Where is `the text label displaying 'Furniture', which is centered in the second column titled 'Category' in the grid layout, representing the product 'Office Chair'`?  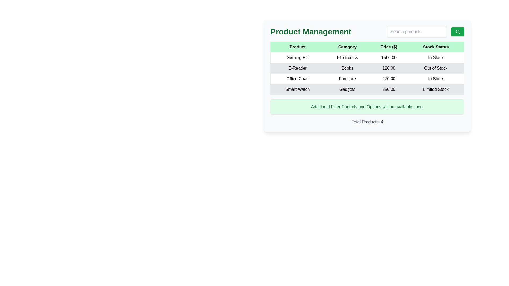
the text label displaying 'Furniture', which is centered in the second column titled 'Category' in the grid layout, representing the product 'Office Chair' is located at coordinates (347, 79).